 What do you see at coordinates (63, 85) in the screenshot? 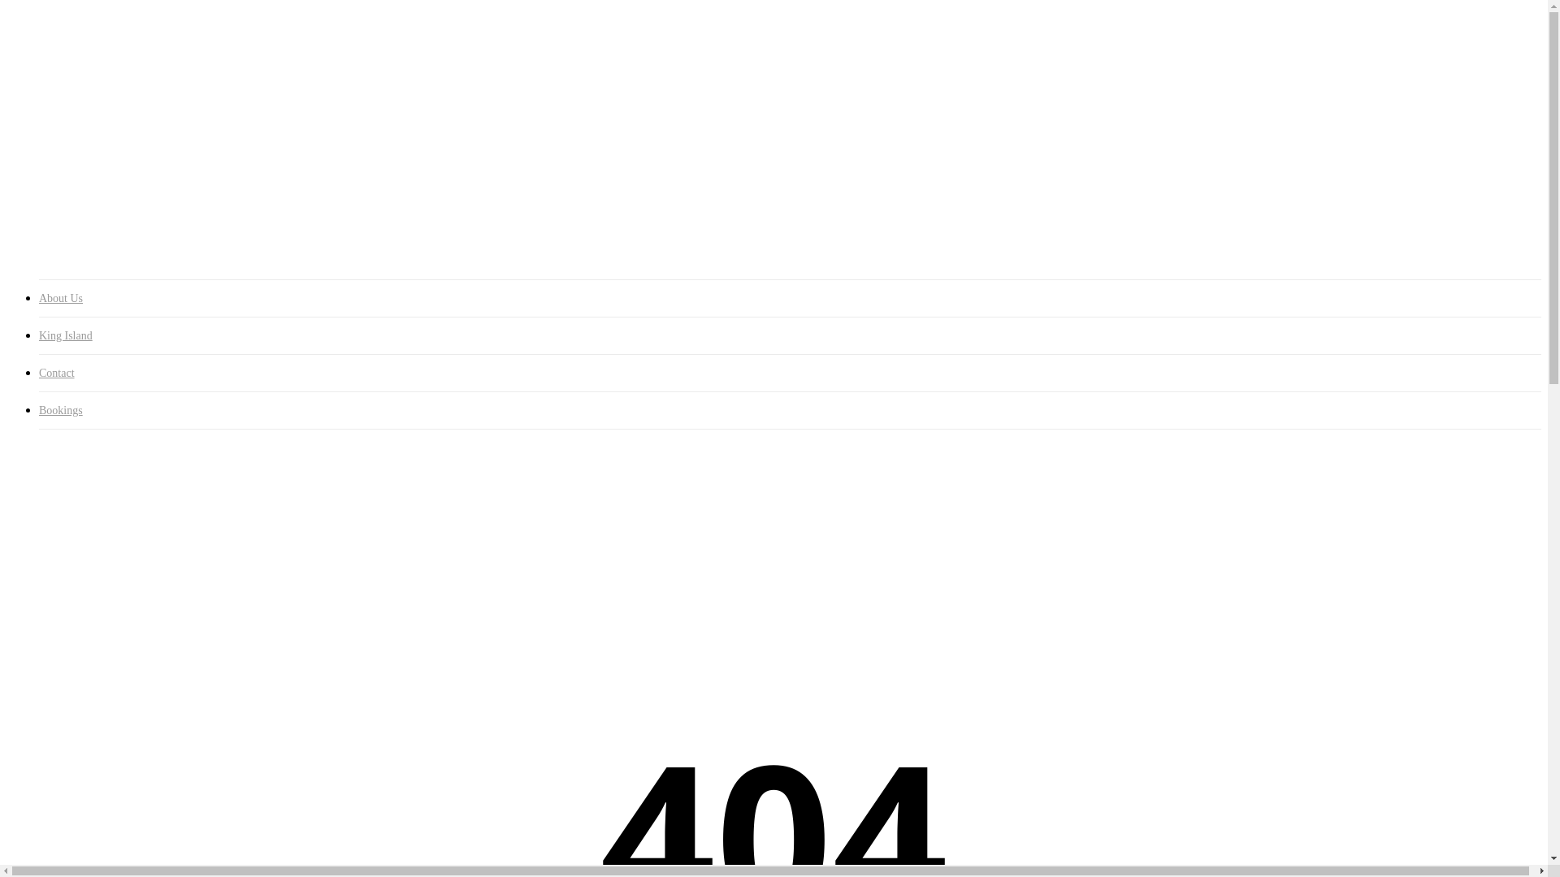
I see `'About Us'` at bounding box center [63, 85].